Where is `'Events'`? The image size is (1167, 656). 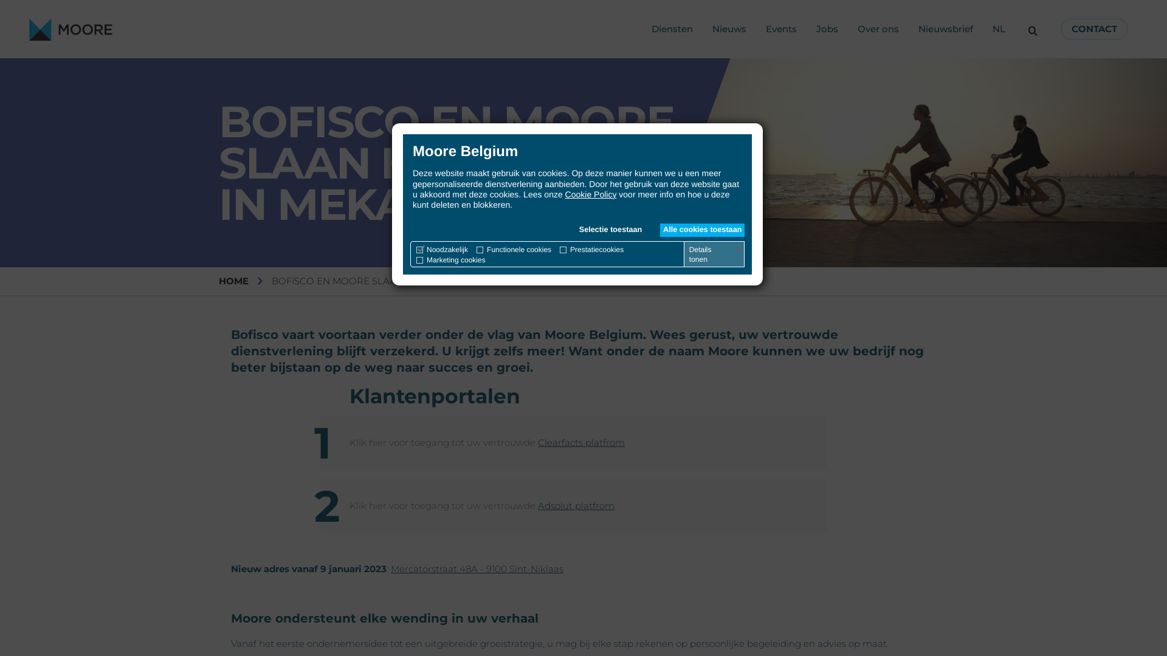 'Events' is located at coordinates (781, 28).